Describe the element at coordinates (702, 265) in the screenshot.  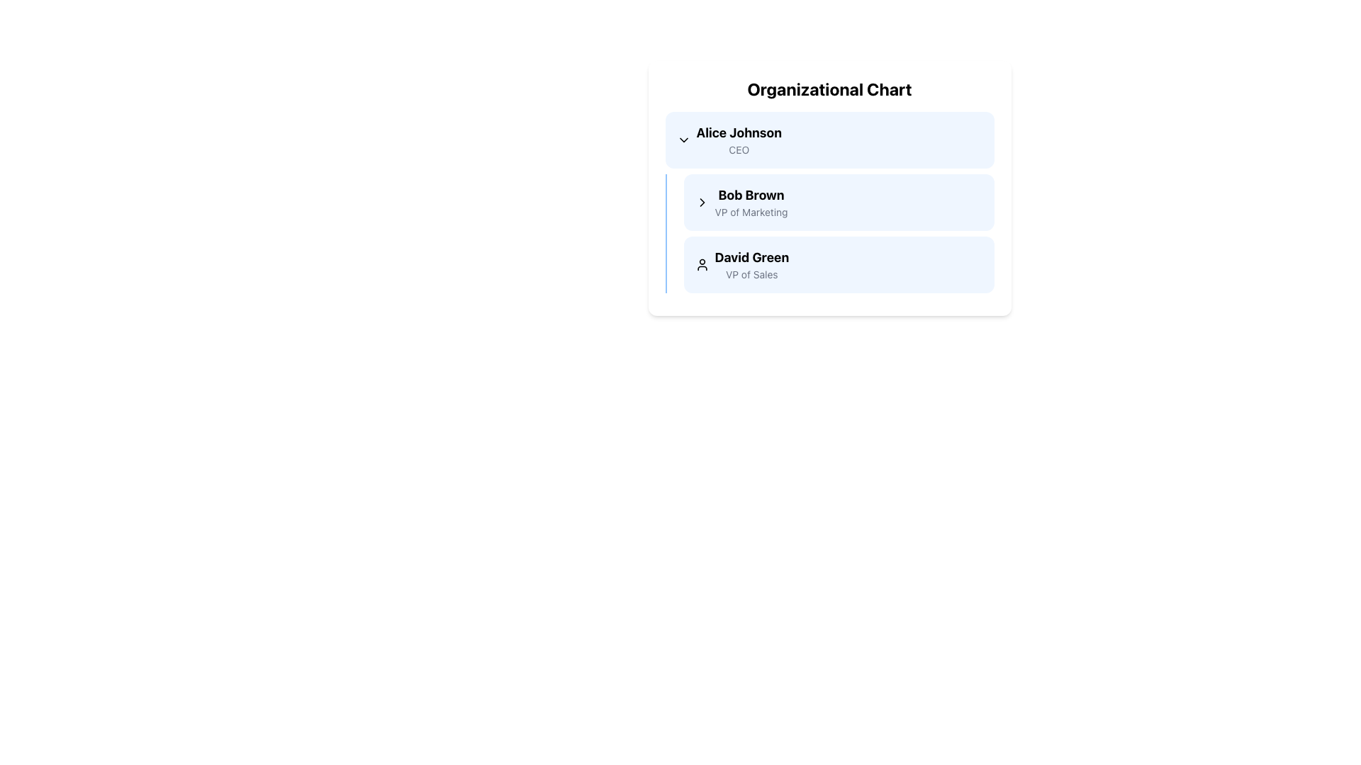
I see `the circular user profile icon located to the left of 'David Green, VP of Sales' in the organizational chart` at that location.